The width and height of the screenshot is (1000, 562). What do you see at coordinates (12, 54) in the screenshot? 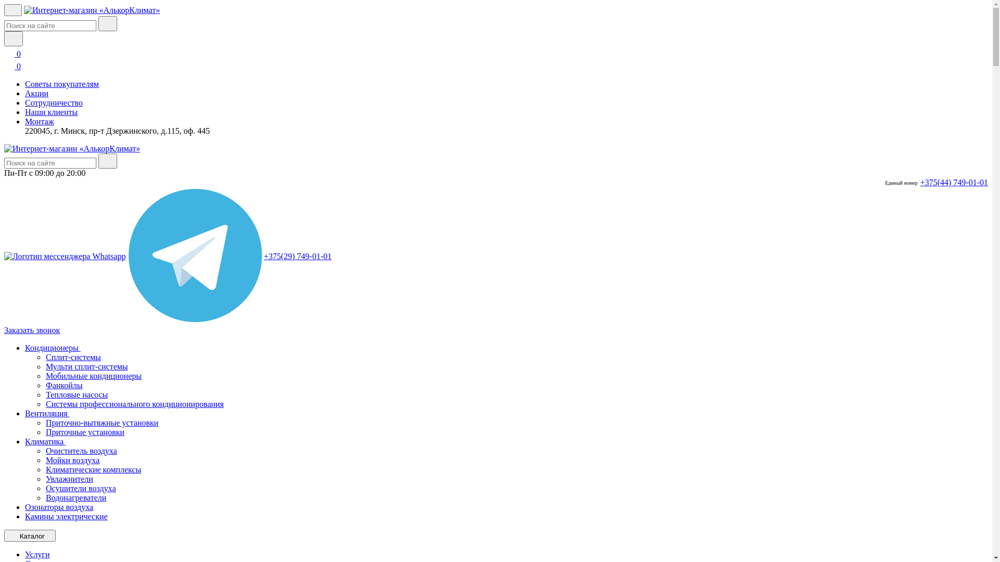
I see `'0'` at bounding box center [12, 54].